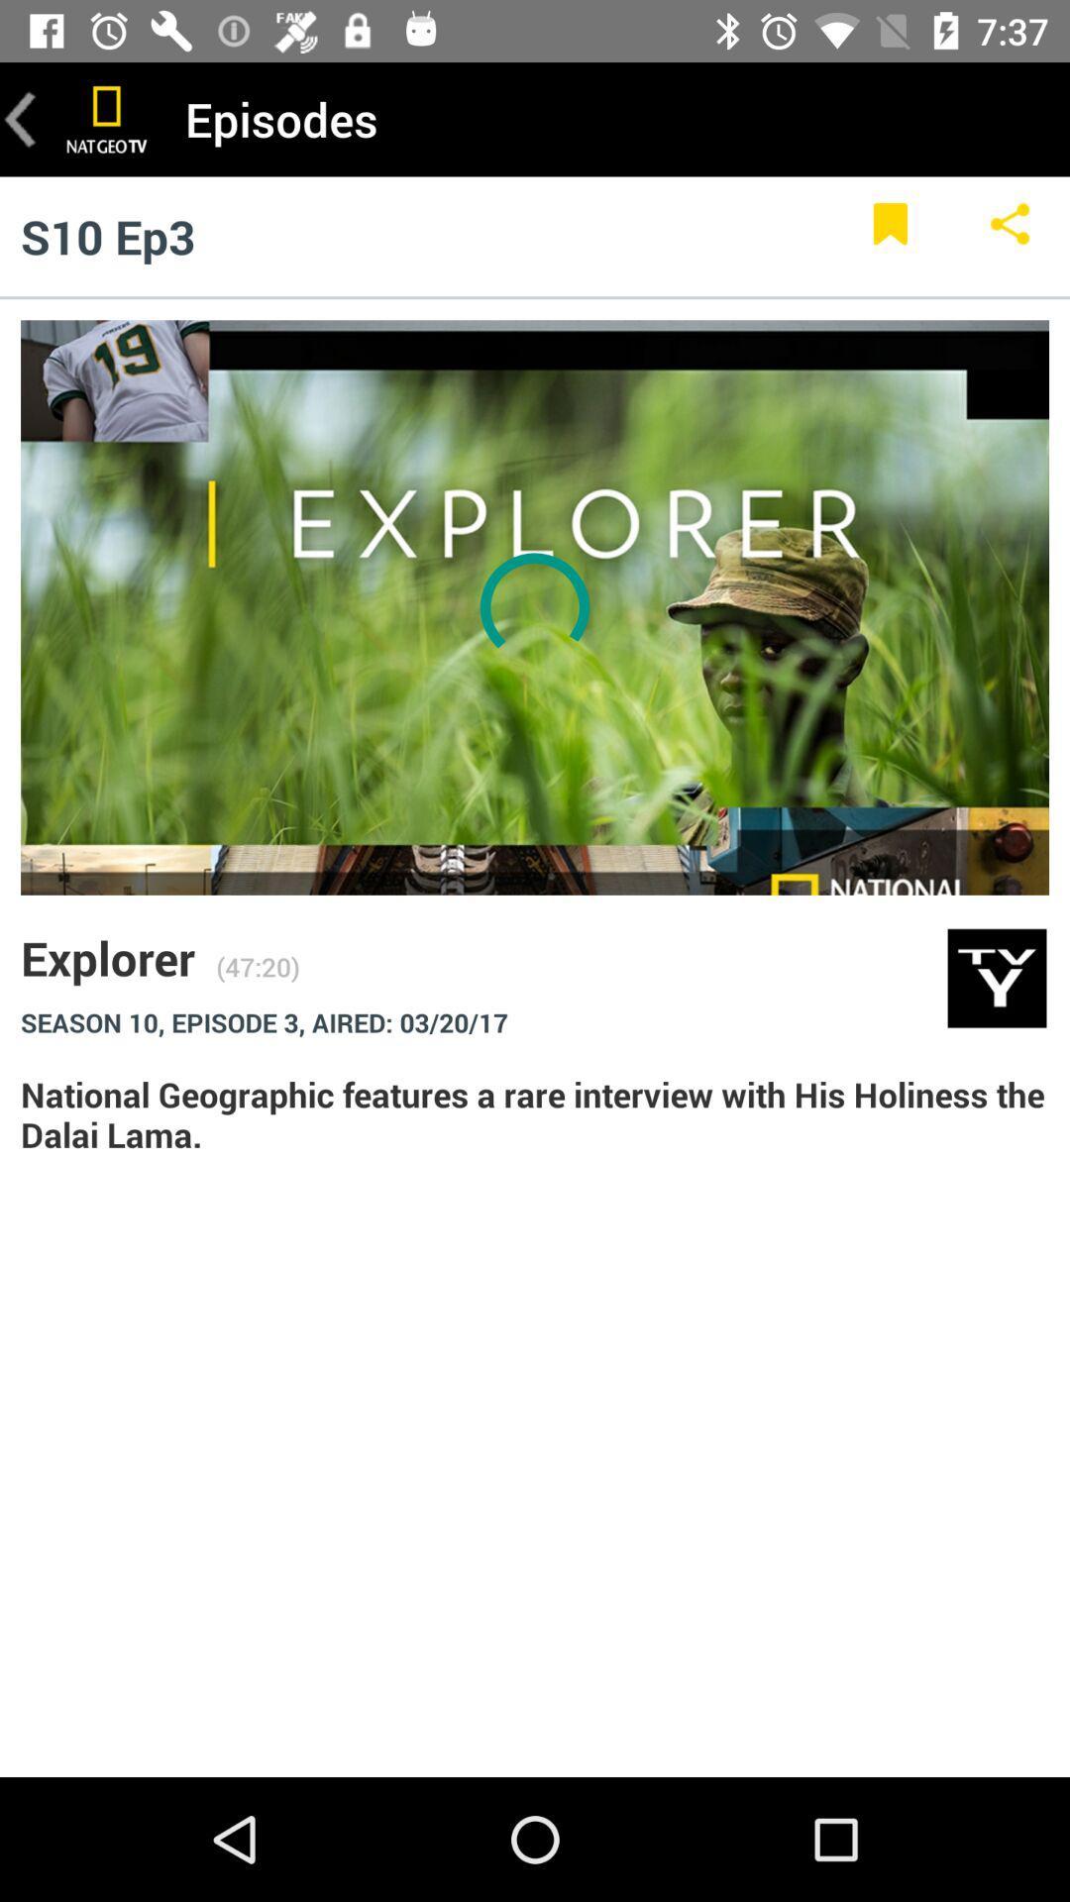 This screenshot has height=1902, width=1070. Describe the element at coordinates (107, 118) in the screenshot. I see `national geographic channel` at that location.